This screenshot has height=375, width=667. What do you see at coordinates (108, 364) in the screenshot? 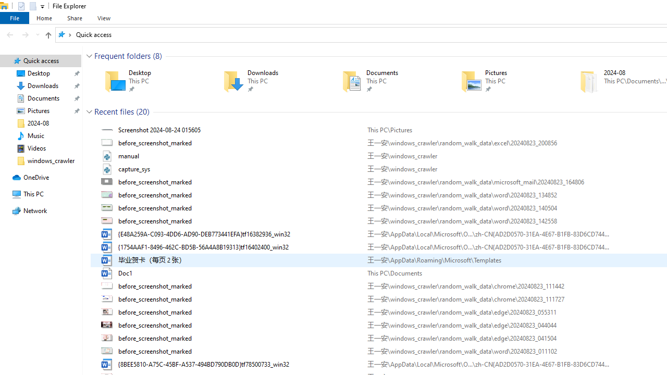
I see `'Class: UIImage'` at bounding box center [108, 364].